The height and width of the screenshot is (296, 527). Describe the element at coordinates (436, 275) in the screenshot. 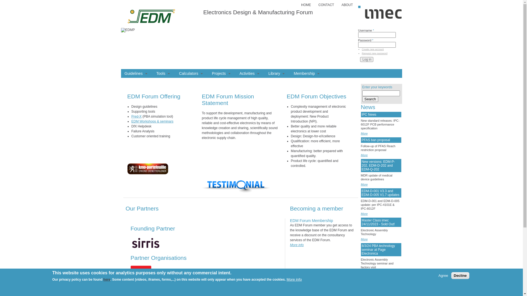

I see `'Agree'` at that location.